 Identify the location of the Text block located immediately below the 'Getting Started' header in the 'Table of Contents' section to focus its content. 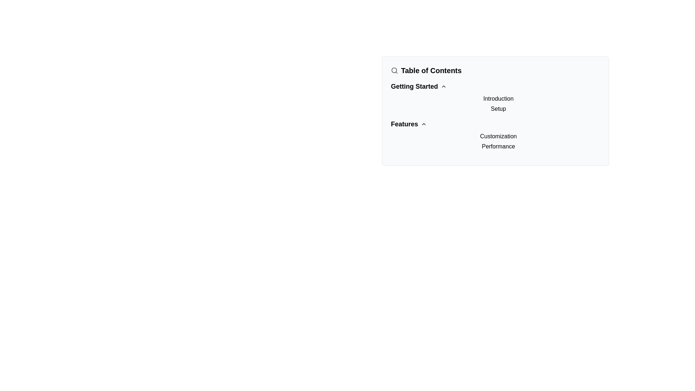
(495, 97).